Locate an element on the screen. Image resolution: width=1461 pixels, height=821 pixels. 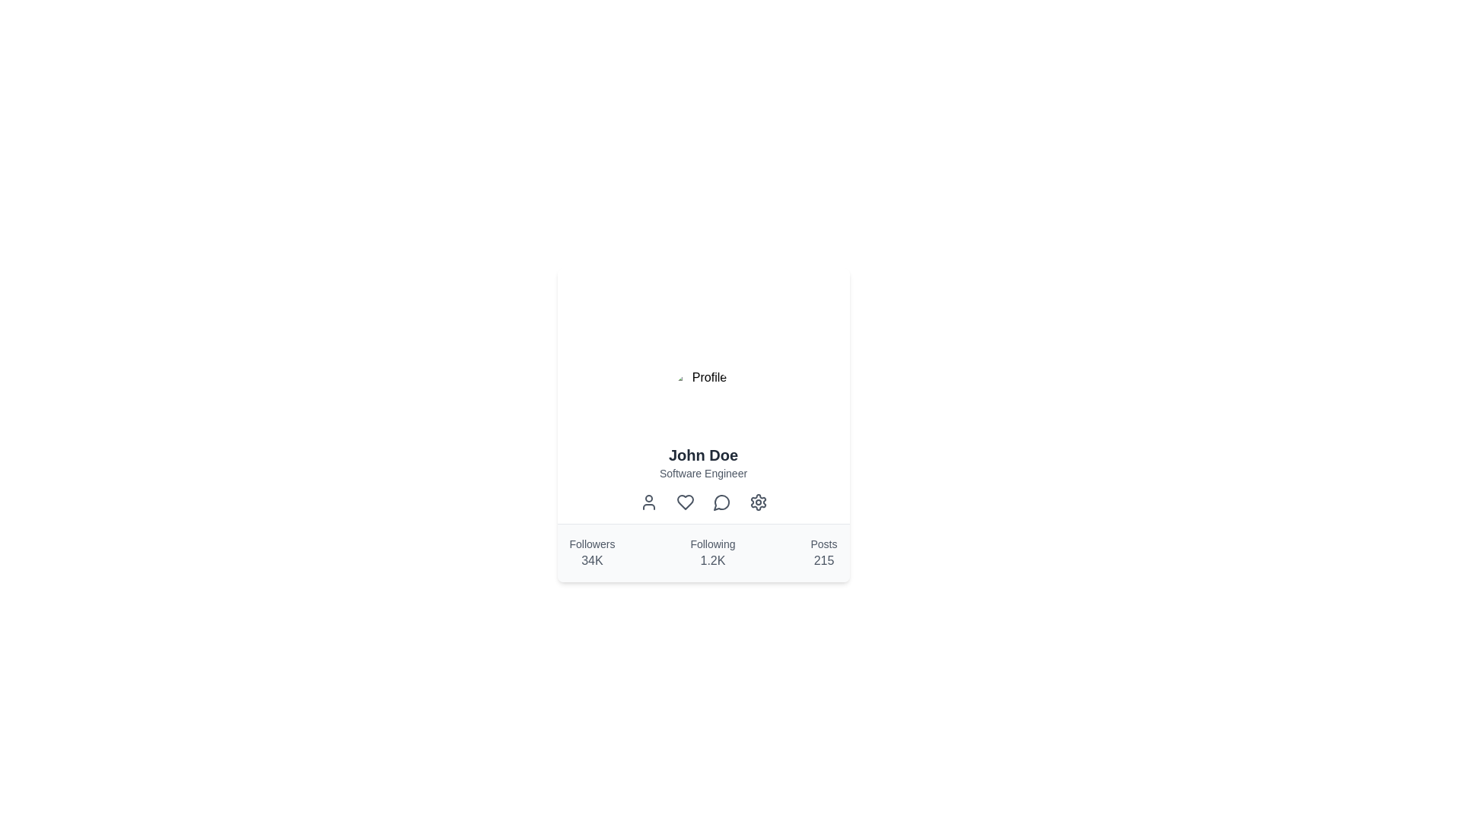
the count display for the 'Following' category, which shows '1.2K', located in the bottom section of the card layout, between 'Followers' and 'Posts' is located at coordinates (711, 560).